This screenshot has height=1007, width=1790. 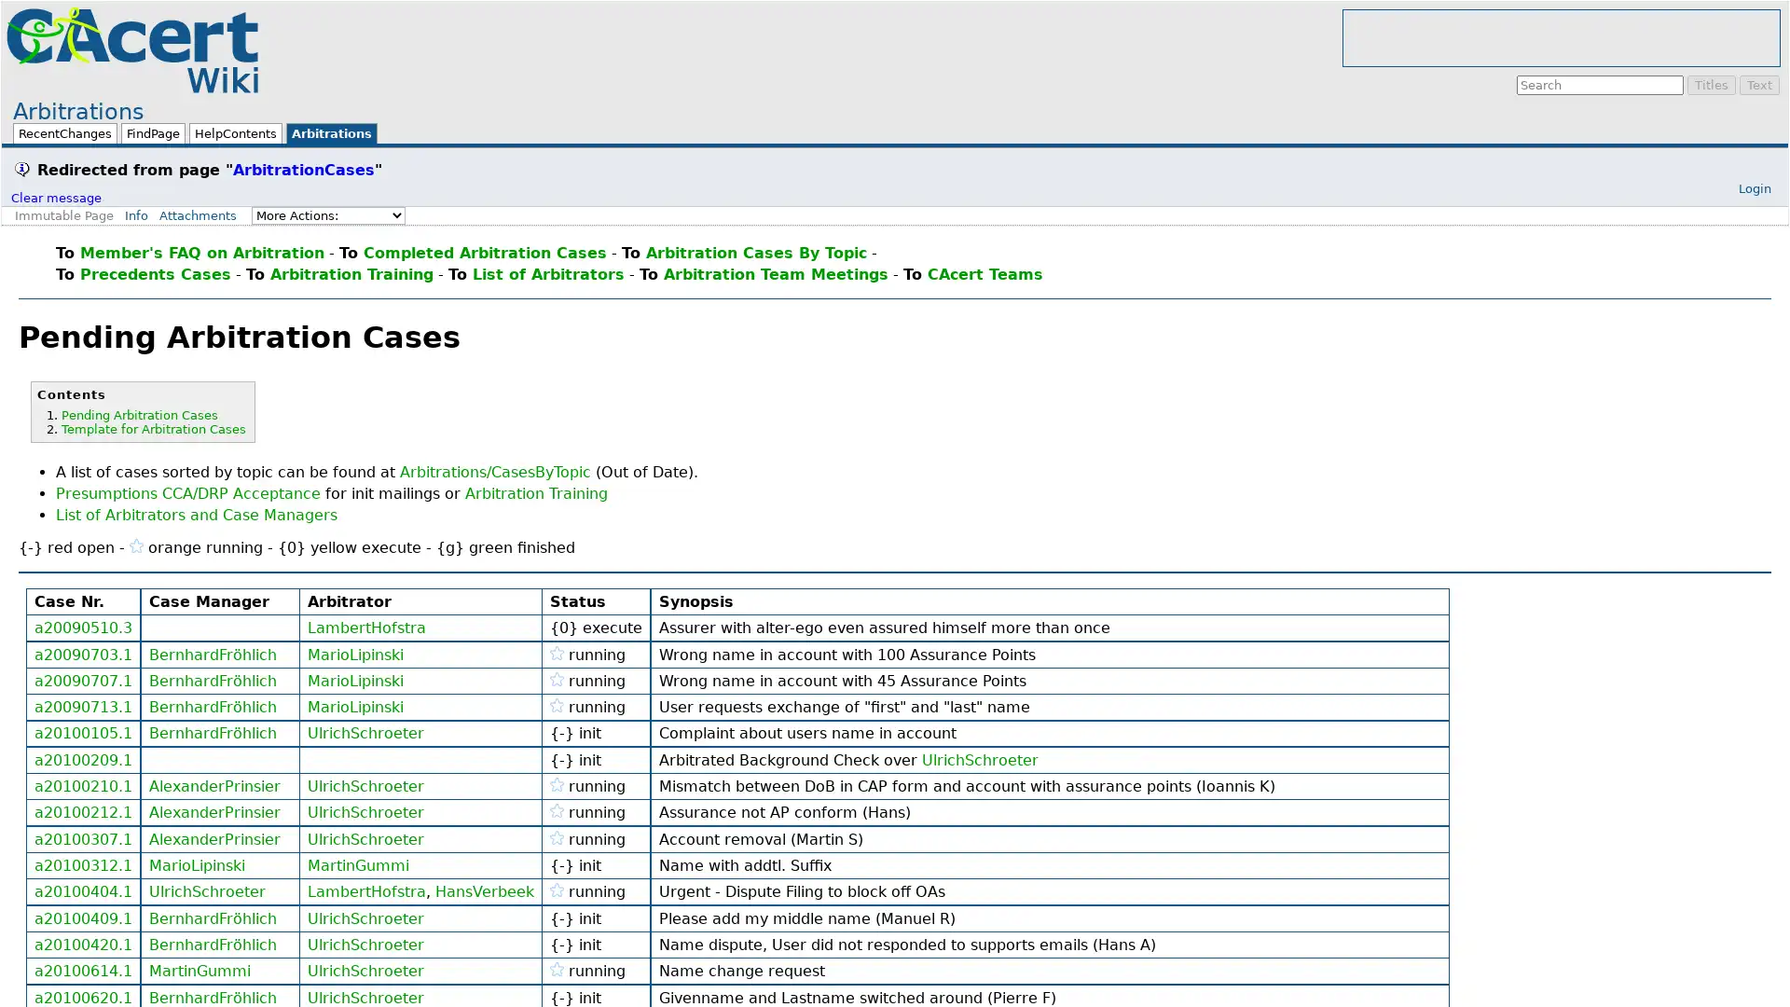 What do you see at coordinates (1758, 85) in the screenshot?
I see `Text` at bounding box center [1758, 85].